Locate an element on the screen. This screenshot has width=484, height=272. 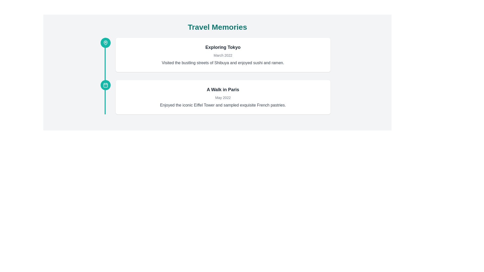
the static text label displaying the timestamp 'March 2022', which is positioned below the title 'Exploring Tokyo' in the upper part of the interface is located at coordinates (223, 55).